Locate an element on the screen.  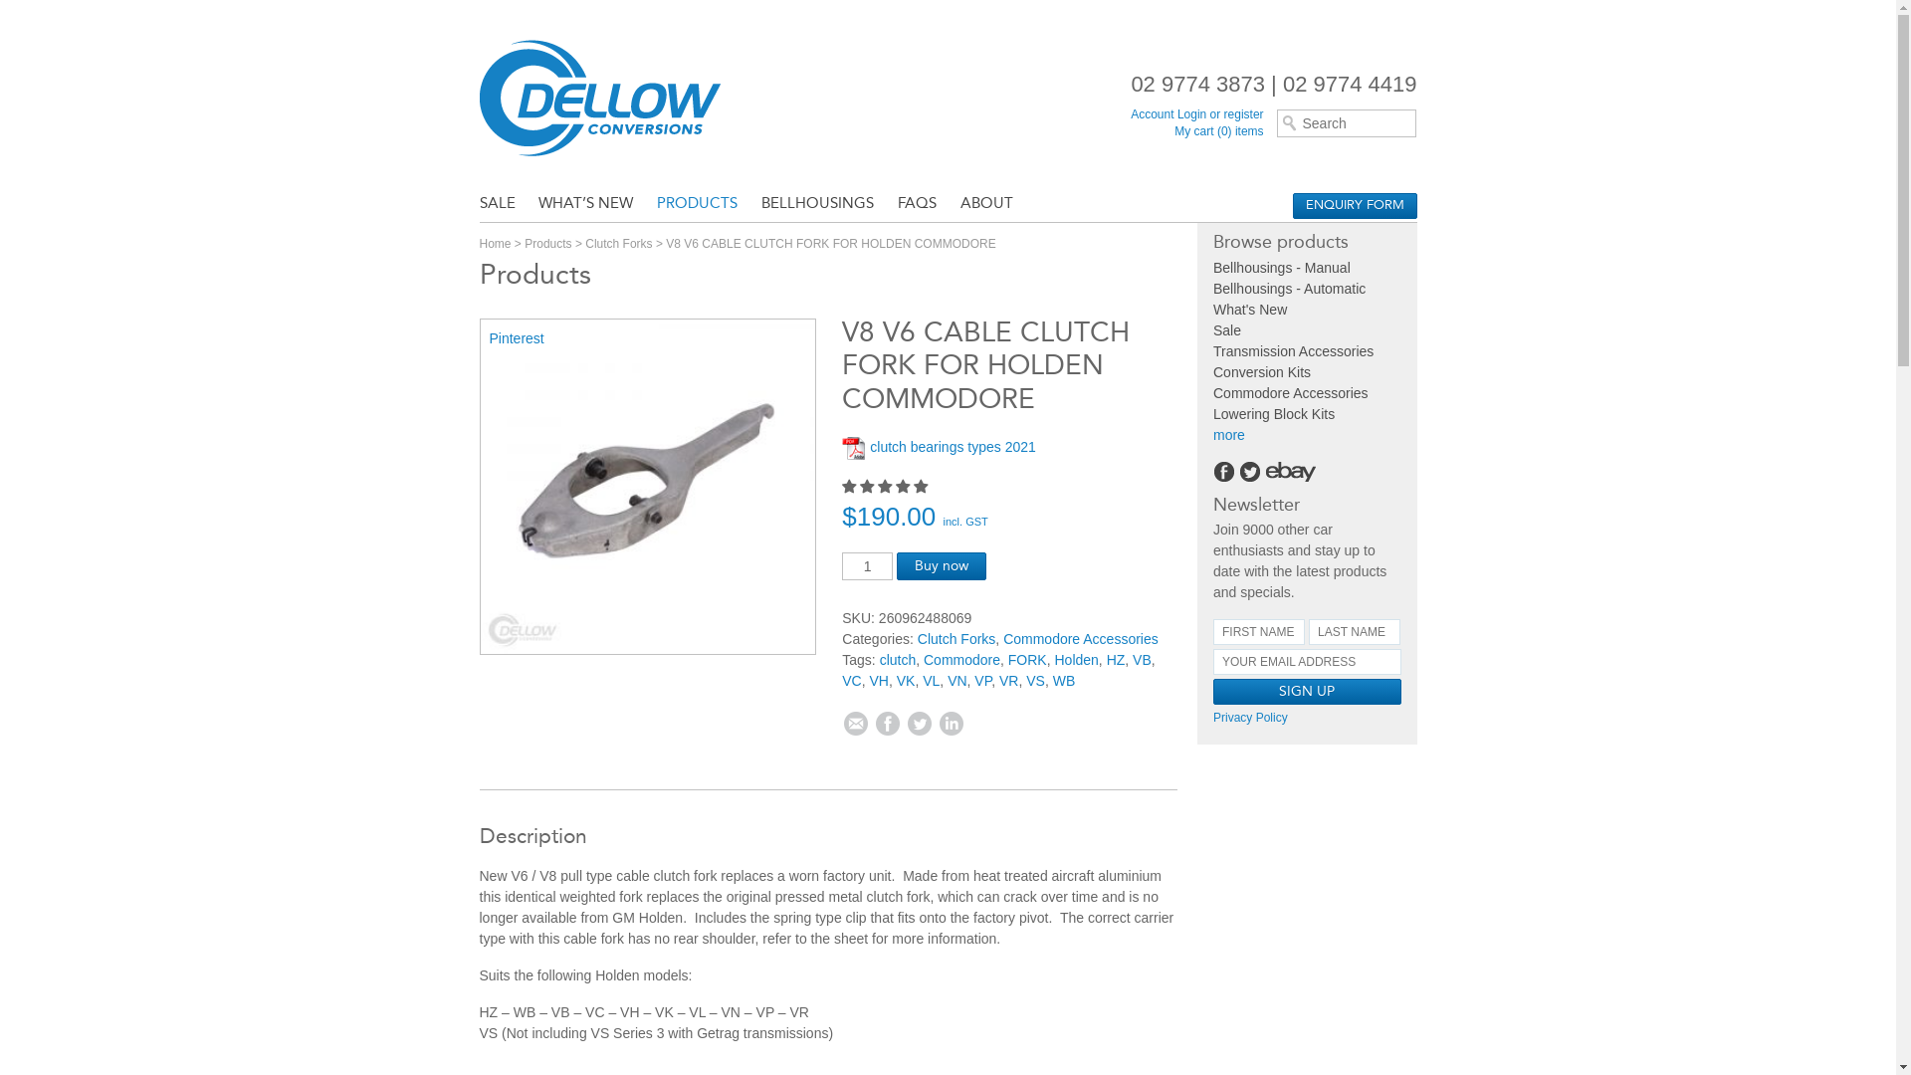
'Qty' is located at coordinates (867, 566).